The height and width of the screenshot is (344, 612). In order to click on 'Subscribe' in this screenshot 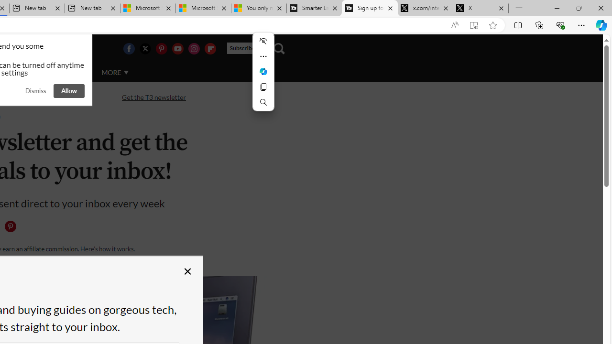, I will do `click(246, 48)`.